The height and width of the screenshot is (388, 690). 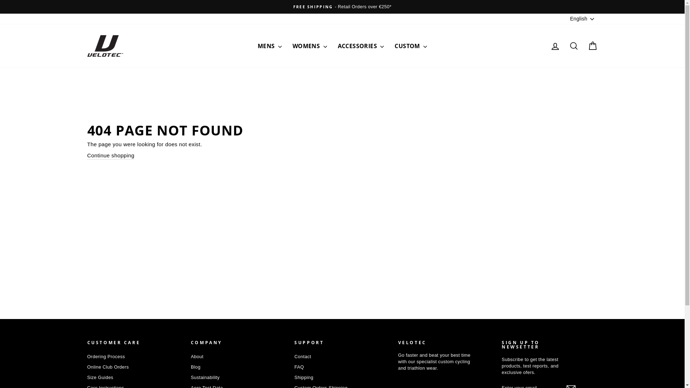 I want to click on 'Online Club Orders', so click(x=107, y=367).